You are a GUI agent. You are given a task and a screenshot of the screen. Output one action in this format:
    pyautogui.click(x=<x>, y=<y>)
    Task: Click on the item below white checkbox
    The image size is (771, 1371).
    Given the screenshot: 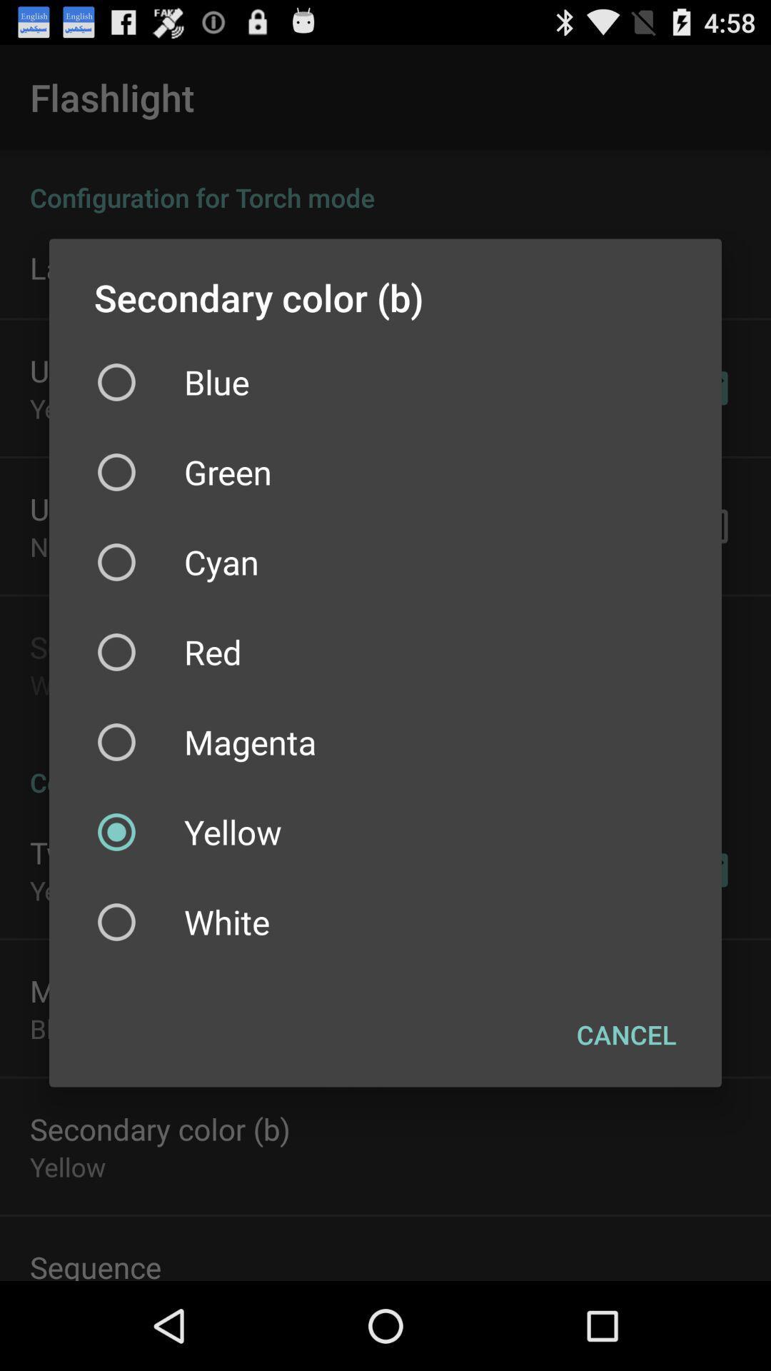 What is the action you would take?
    pyautogui.click(x=625, y=1035)
    